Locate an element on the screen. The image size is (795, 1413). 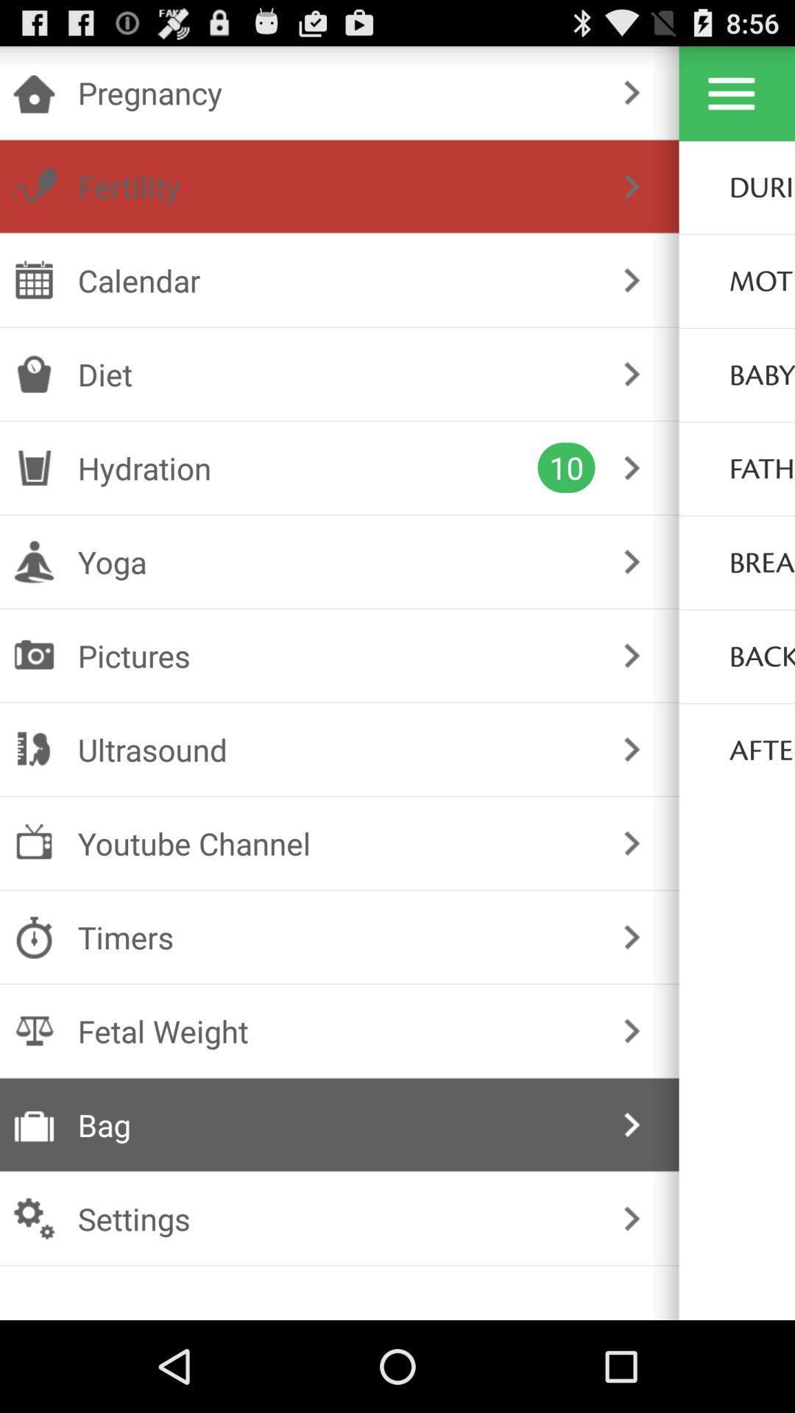
calendar is located at coordinates (336, 280).